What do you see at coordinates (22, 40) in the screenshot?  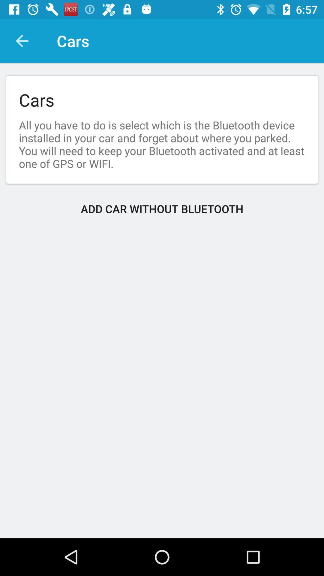 I see `the item to the left of cars` at bounding box center [22, 40].